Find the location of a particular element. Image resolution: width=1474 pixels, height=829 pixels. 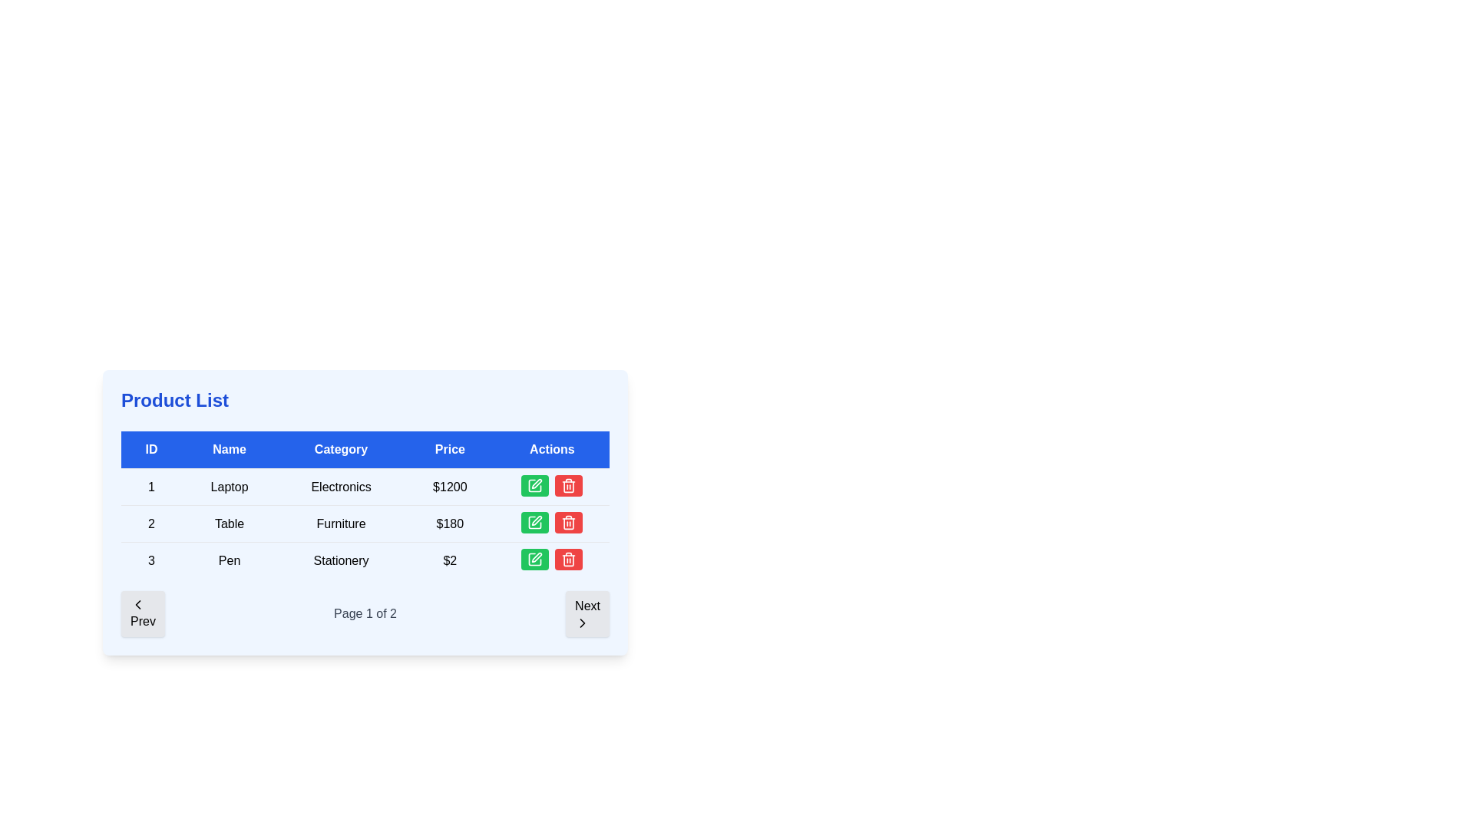

the Text label in the second row of the table under the 'Category' column, which describes the product category is located at coordinates (340, 523).